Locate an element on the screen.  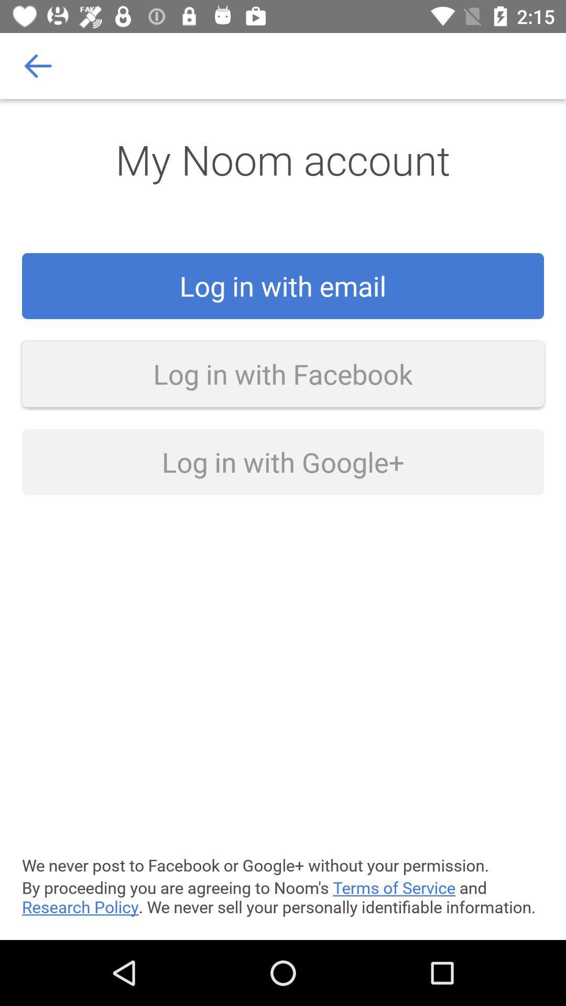
icon below the we never post is located at coordinates (283, 896).